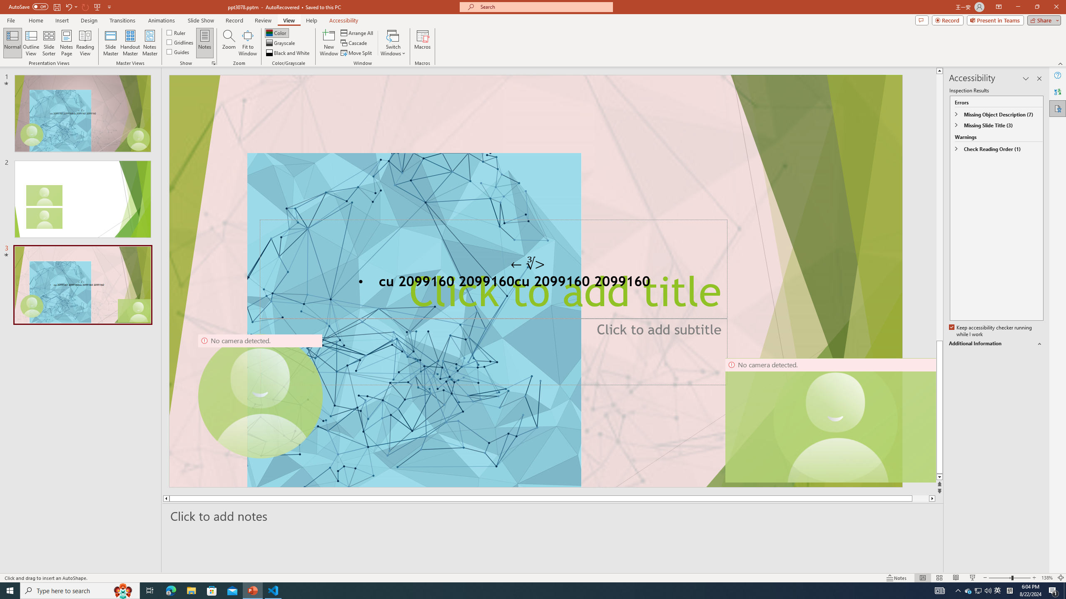 Image resolution: width=1066 pixels, height=599 pixels. I want to click on 'Animations', so click(161, 20).